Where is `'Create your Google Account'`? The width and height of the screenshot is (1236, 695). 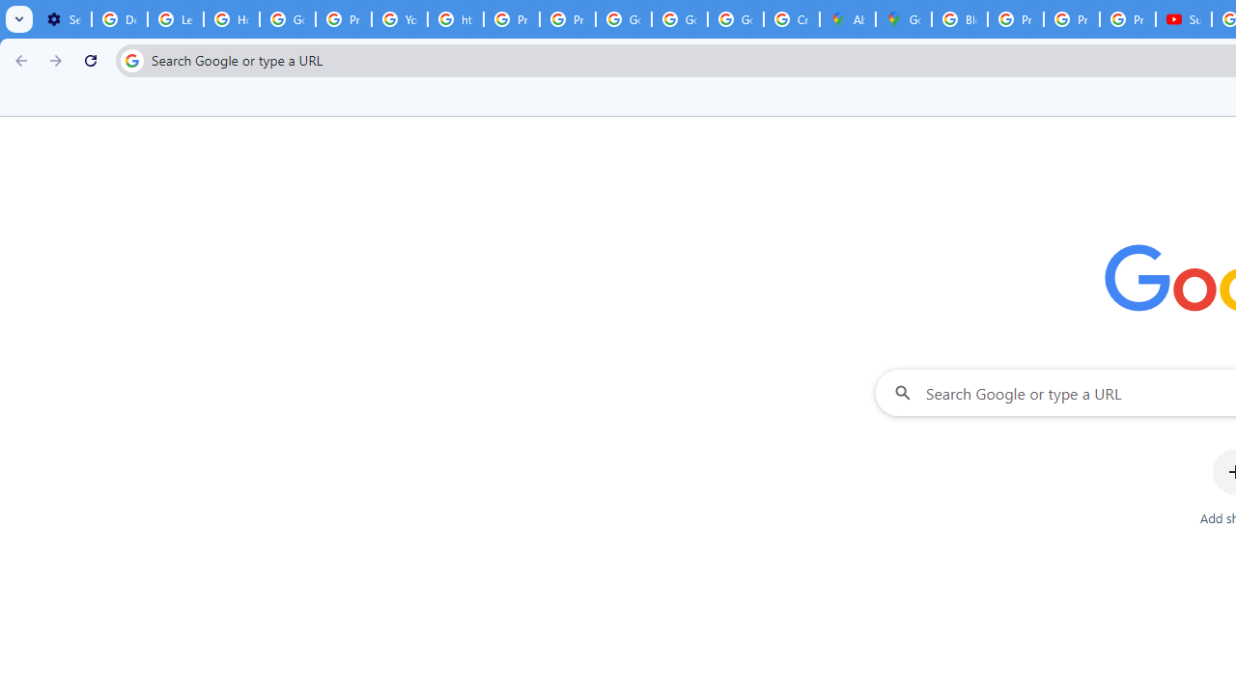 'Create your Google Account' is located at coordinates (791, 19).